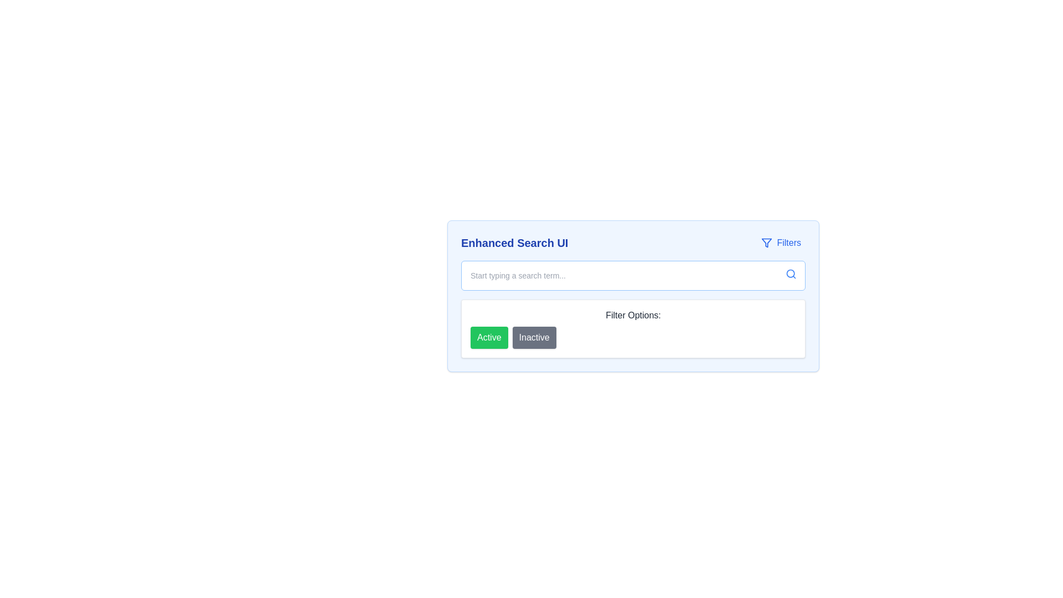 This screenshot has height=598, width=1063. What do you see at coordinates (766, 243) in the screenshot?
I see `the triangular funnel icon located in the top-right corner of the 'Enhanced Search UI' card` at bounding box center [766, 243].